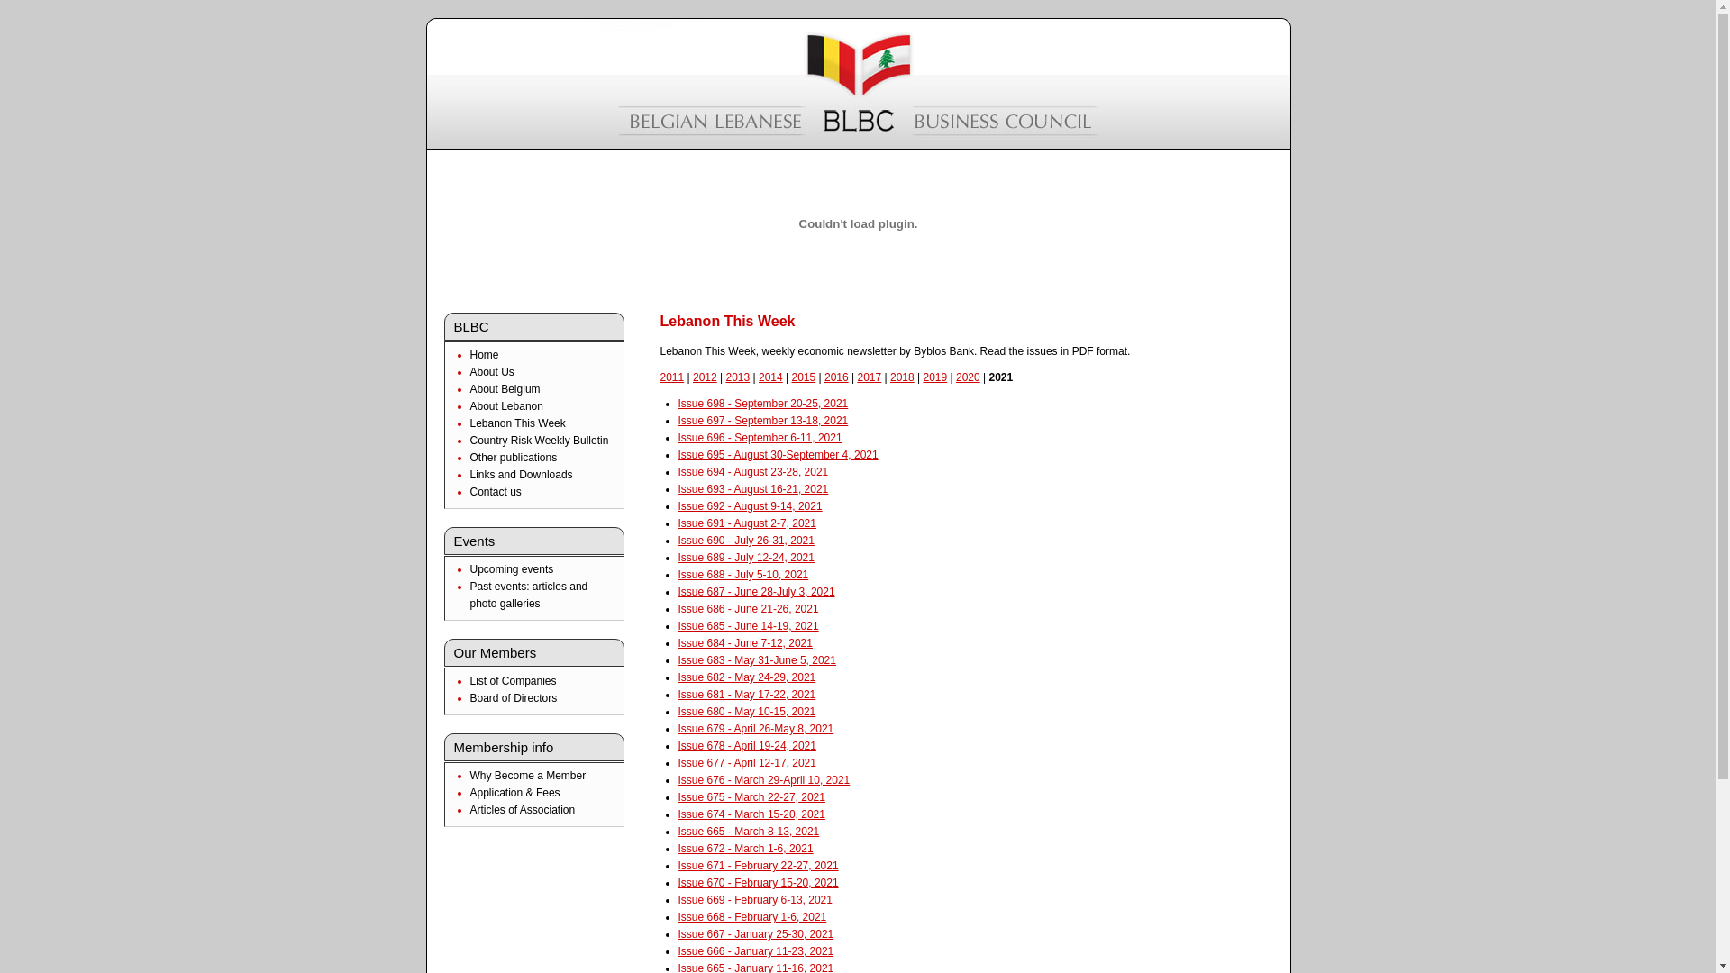  Describe the element at coordinates (749, 506) in the screenshot. I see `'Issue 692 - August 9-14, 2021'` at that location.